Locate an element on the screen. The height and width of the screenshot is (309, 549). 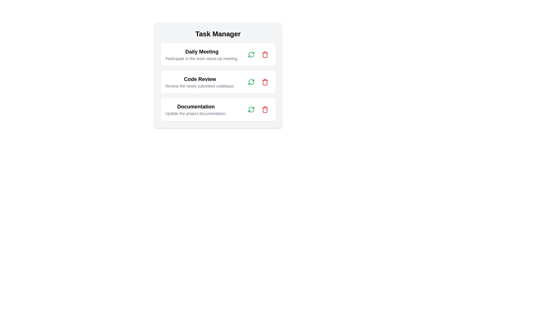
the text block titled 'Daily Meeting' with the subtitle 'Participate in the team stand-up meeting' located at the top of the list in the 'Task Manager' interface is located at coordinates (202, 55).